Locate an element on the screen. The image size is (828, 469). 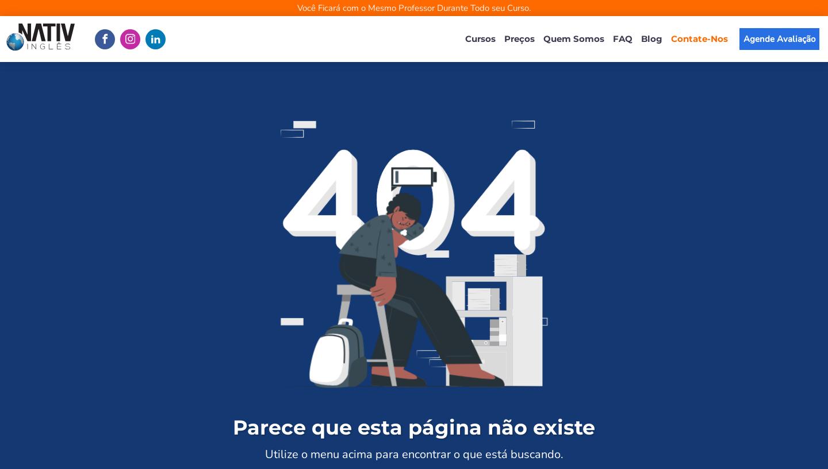
'Curso de Inglês Business' is located at coordinates (520, 84).